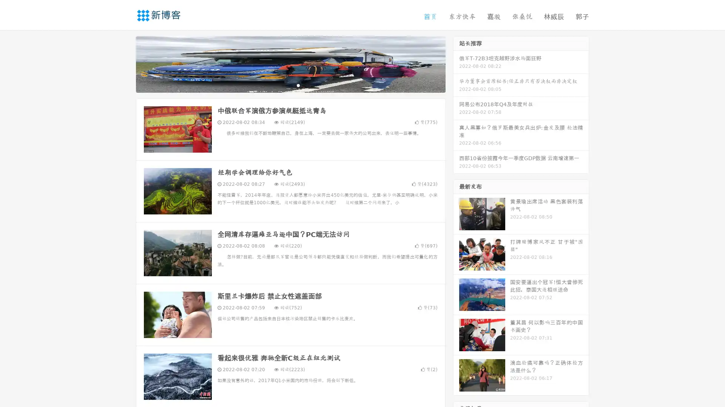  Describe the element at coordinates (298, 85) in the screenshot. I see `Go to slide 3` at that location.